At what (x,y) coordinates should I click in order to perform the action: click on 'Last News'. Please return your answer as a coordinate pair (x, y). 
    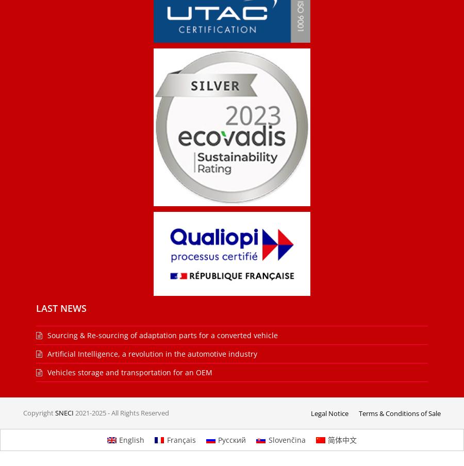
    Looking at the image, I should click on (61, 307).